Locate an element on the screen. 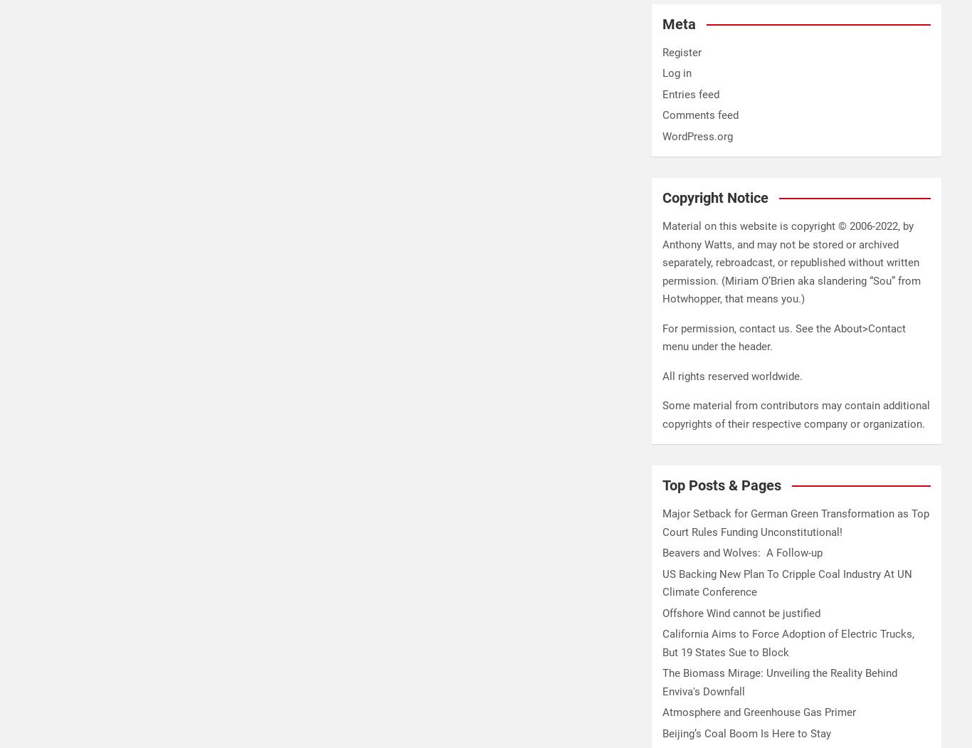 This screenshot has width=972, height=748. 'The Biomass Mirage: Unveiling the Reality Behind Enviva's Downfall' is located at coordinates (778, 681).